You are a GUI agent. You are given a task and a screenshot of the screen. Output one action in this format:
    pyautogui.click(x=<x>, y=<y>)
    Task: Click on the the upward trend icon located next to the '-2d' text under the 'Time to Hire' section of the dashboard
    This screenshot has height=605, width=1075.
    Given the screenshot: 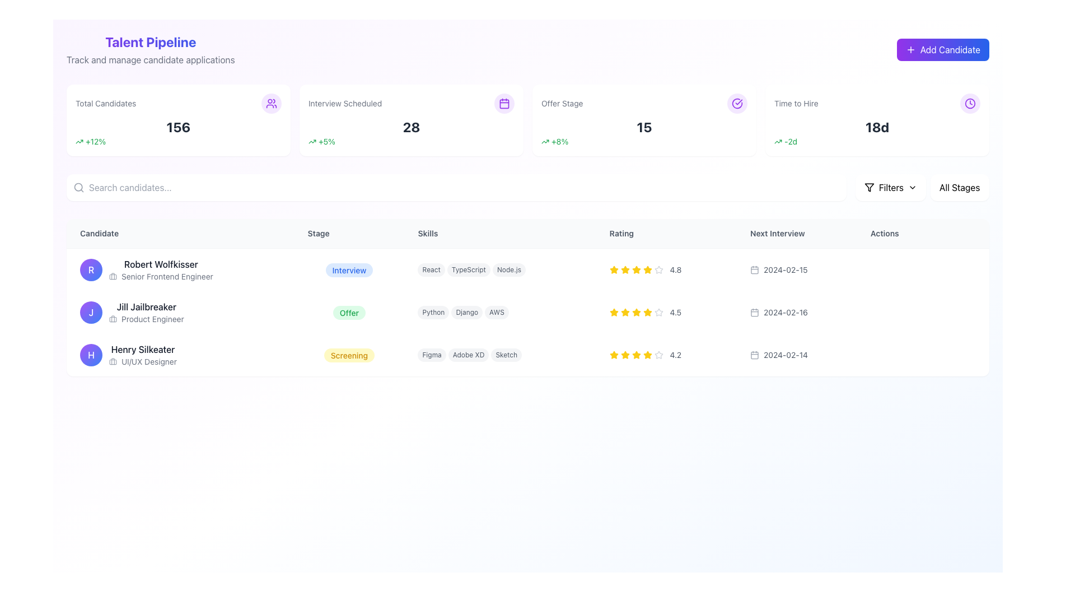 What is the action you would take?
    pyautogui.click(x=778, y=141)
    